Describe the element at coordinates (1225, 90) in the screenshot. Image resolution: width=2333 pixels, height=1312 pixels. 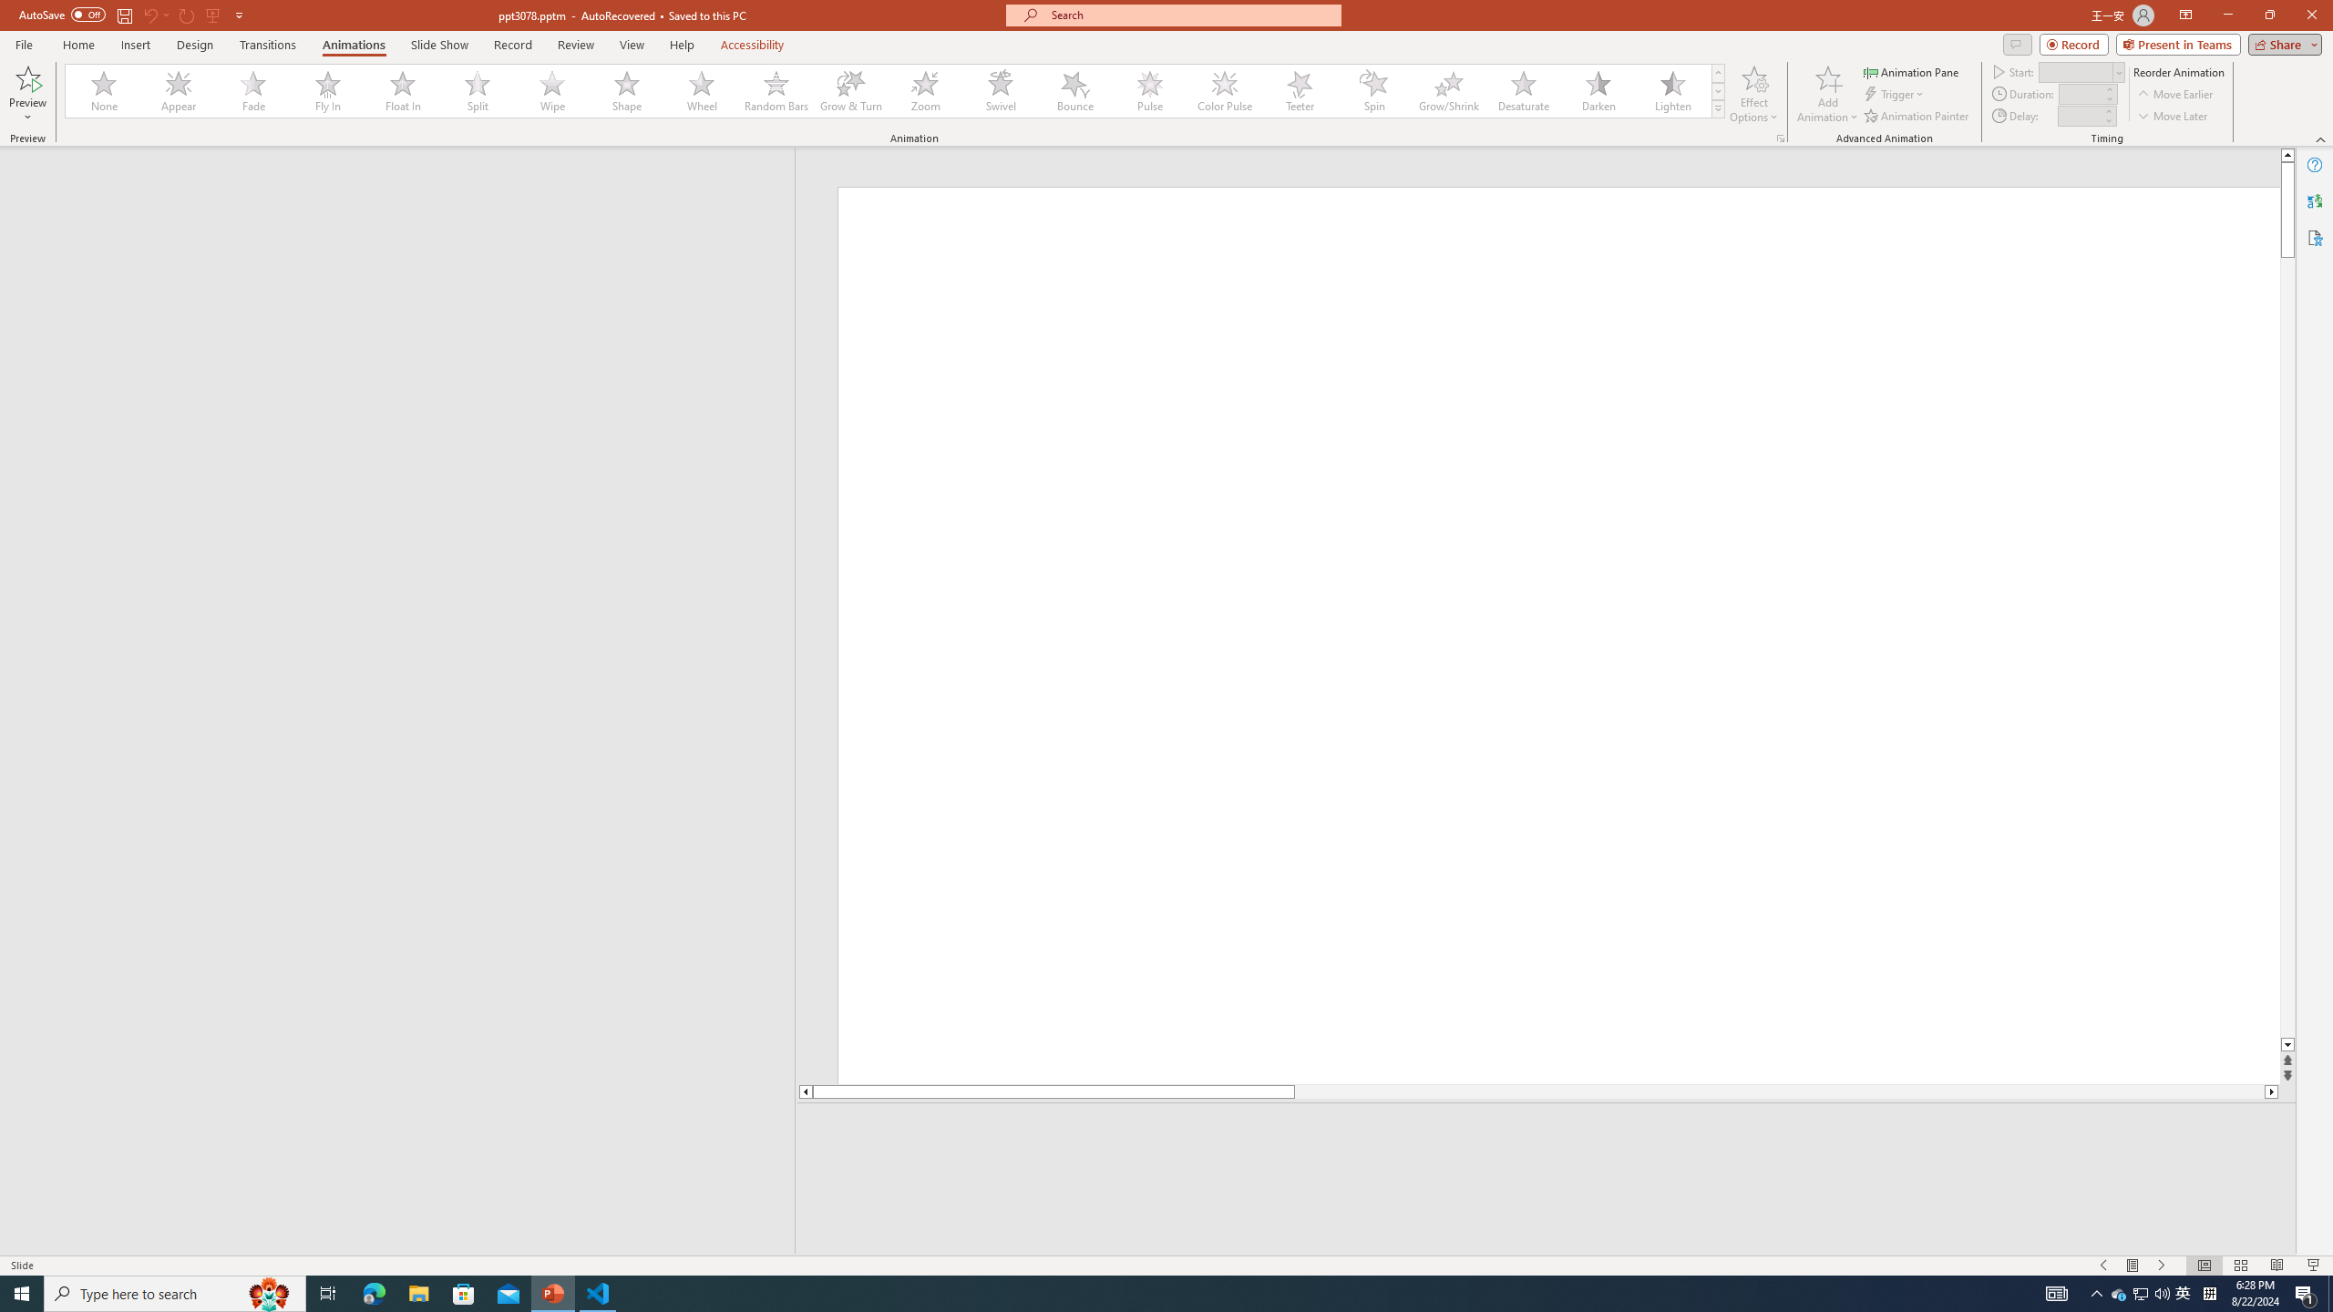
I see `'Color Pulse'` at that location.